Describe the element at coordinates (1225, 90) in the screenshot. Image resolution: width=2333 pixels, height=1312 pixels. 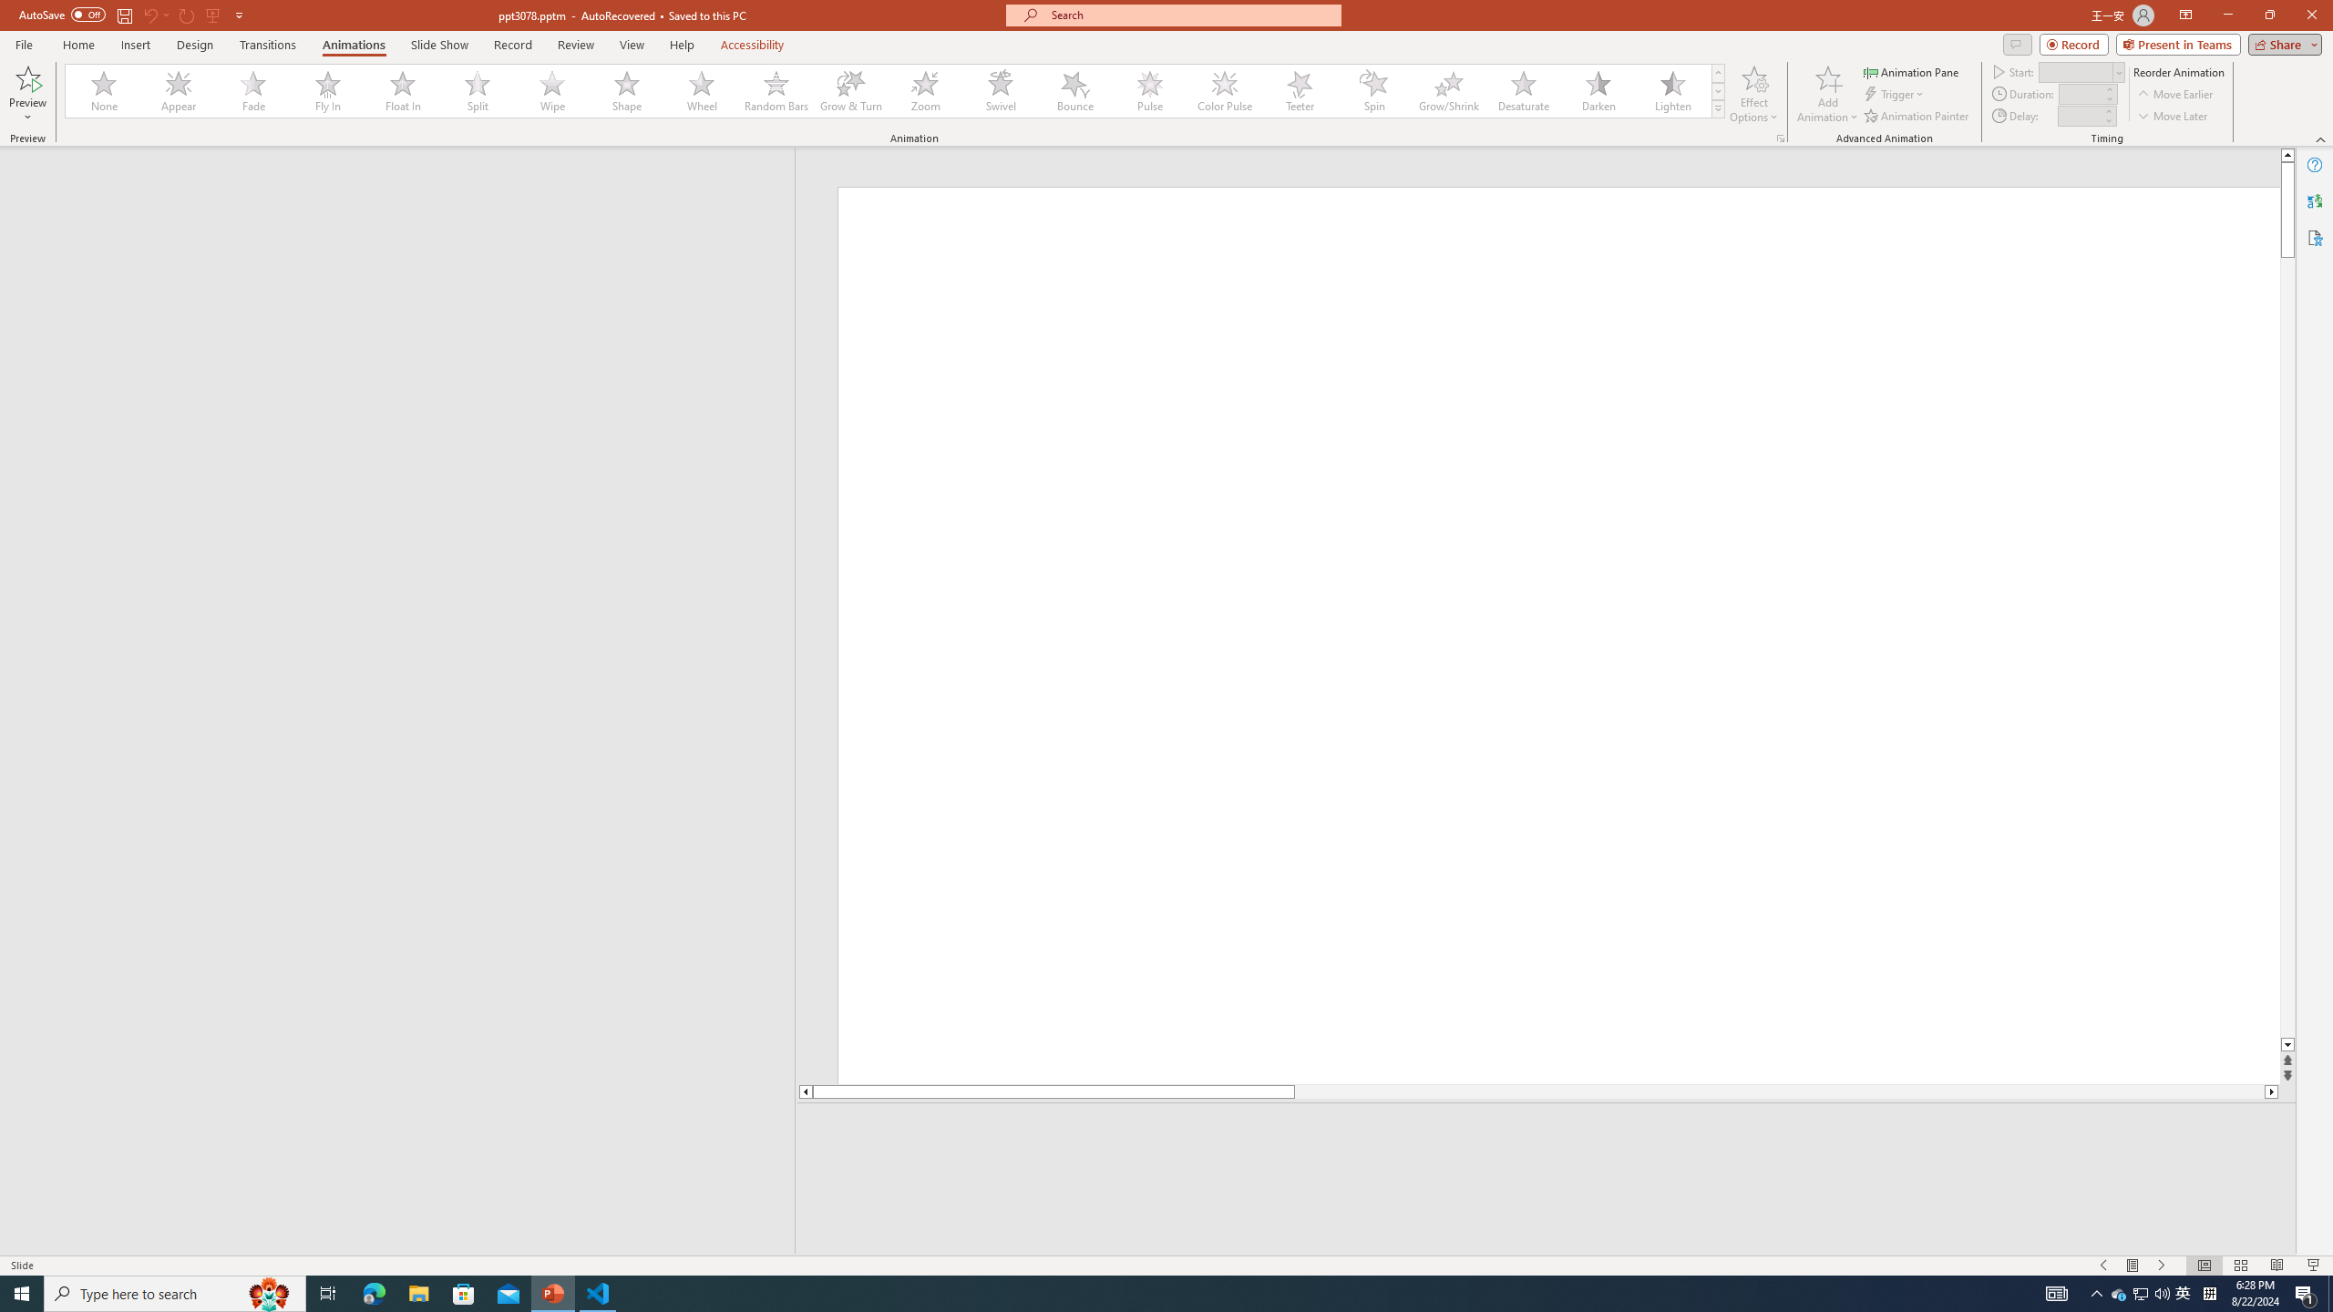
I see `'Color Pulse'` at that location.